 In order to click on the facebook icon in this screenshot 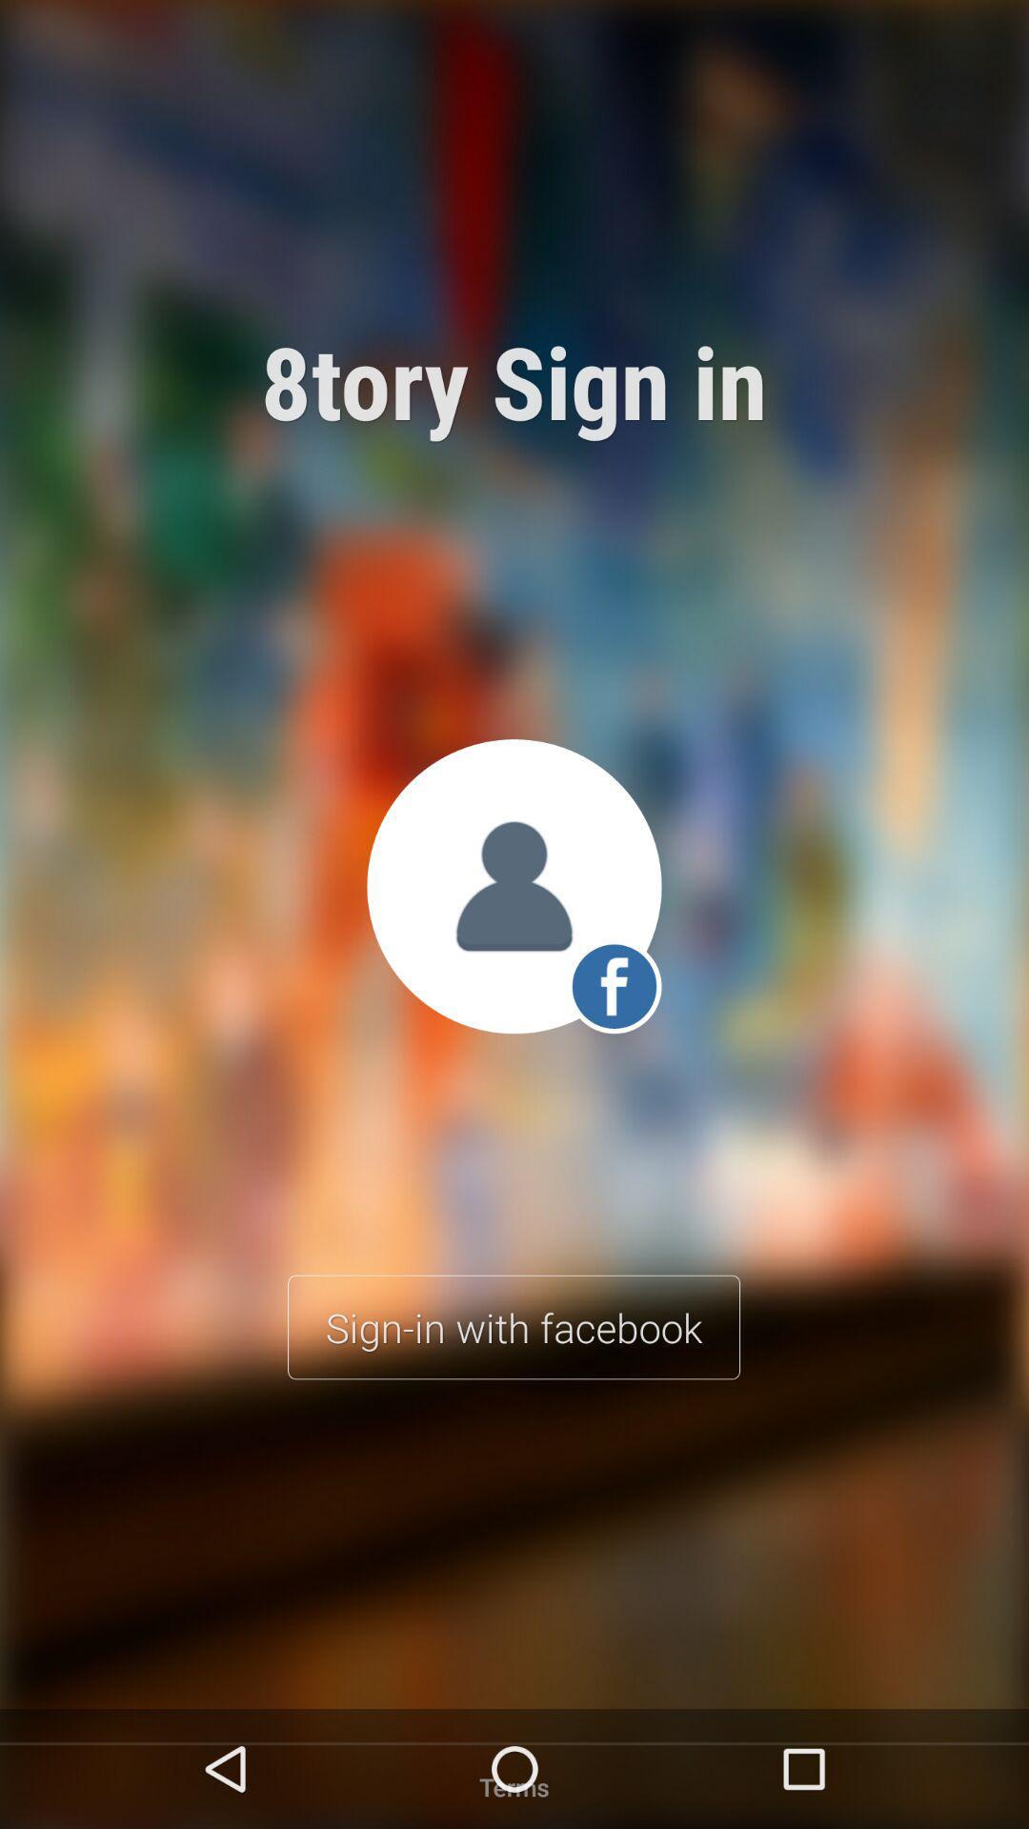, I will do `click(614, 987)`.